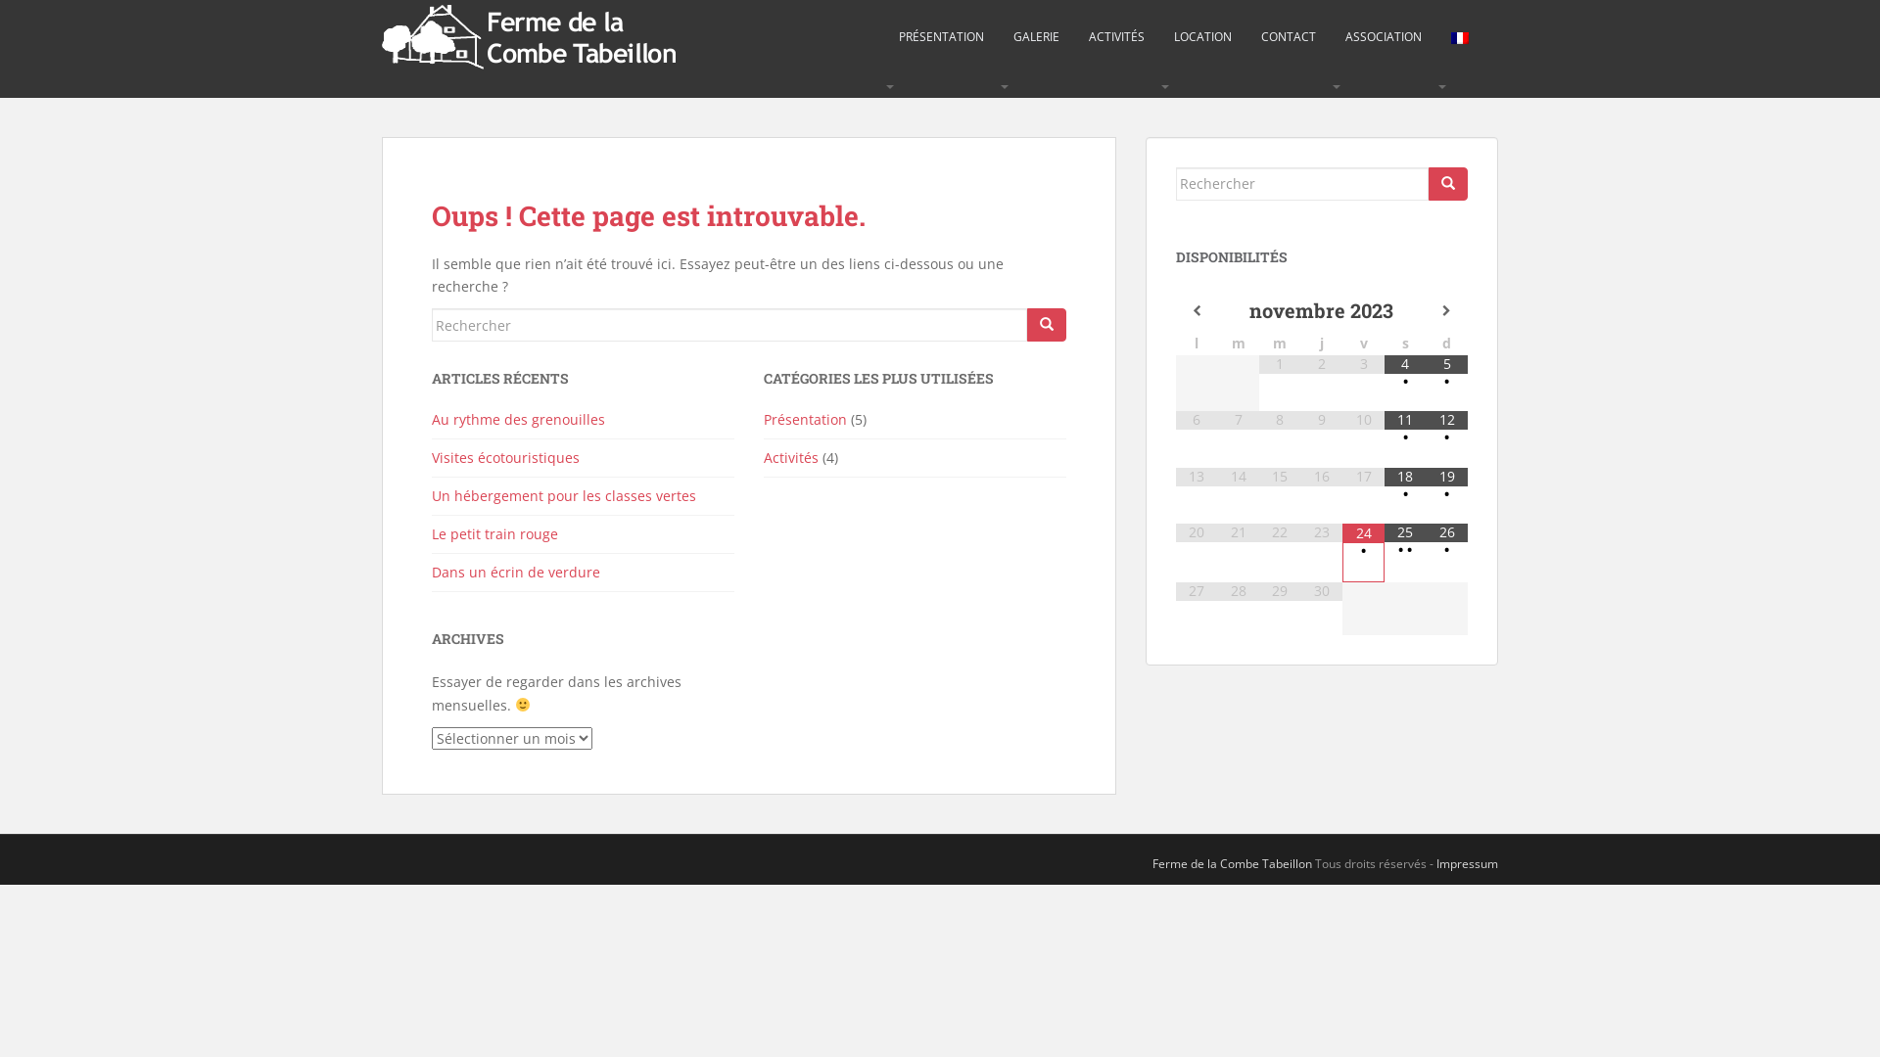  What do you see at coordinates (1436, 862) in the screenshot?
I see `'Impressum'` at bounding box center [1436, 862].